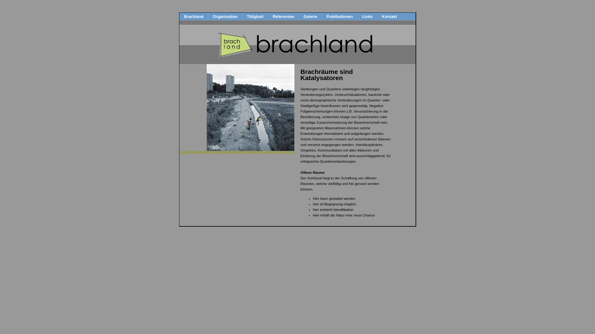 This screenshot has height=334, width=595. What do you see at coordinates (193, 16) in the screenshot?
I see `'Brachland'` at bounding box center [193, 16].